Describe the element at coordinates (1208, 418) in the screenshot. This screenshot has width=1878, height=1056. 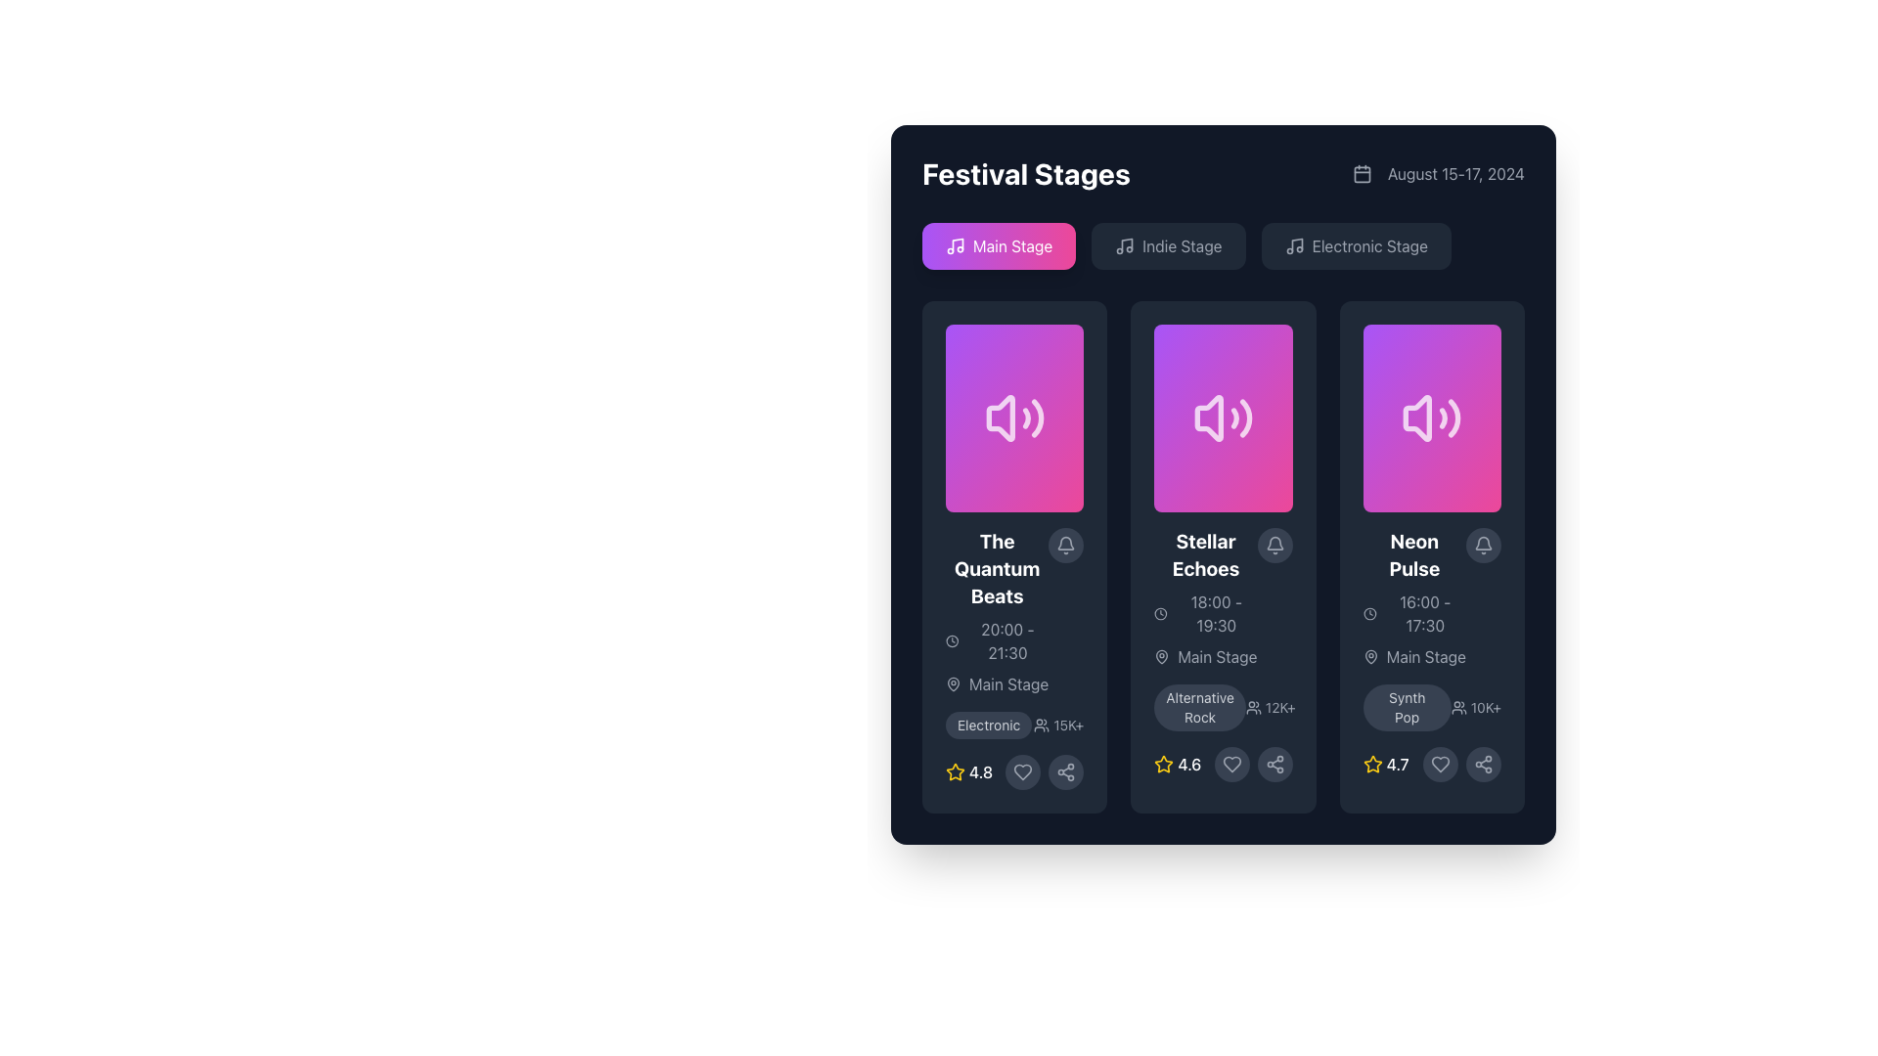
I see `the sound or volume icon located in the upper section of the second card from the left` at that location.